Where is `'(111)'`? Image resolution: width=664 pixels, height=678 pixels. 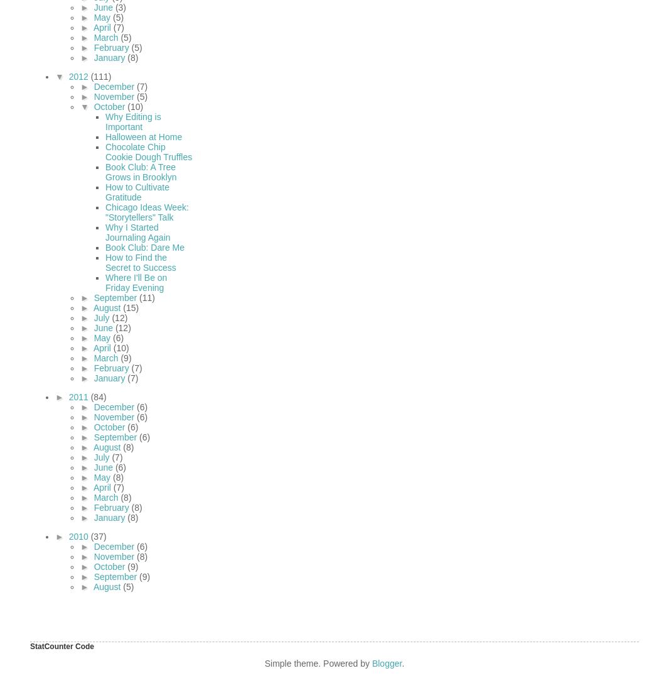
'(111)' is located at coordinates (100, 75).